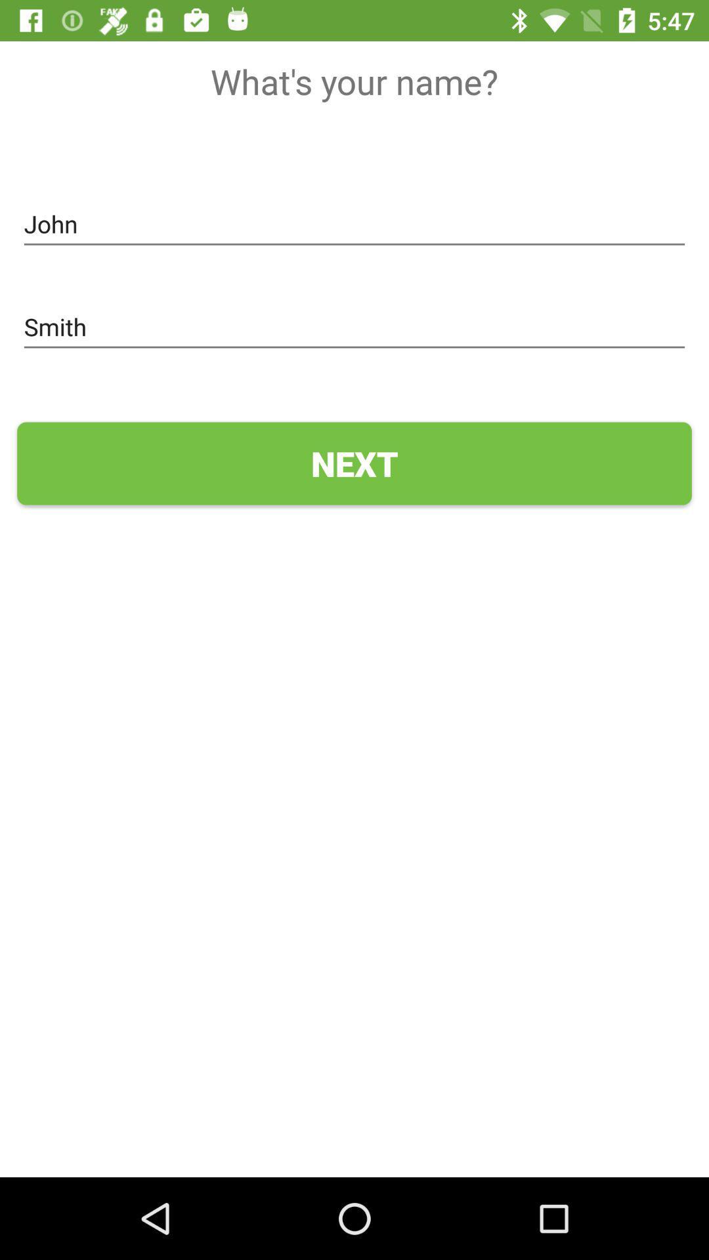 The image size is (709, 1260). What do you see at coordinates (354, 224) in the screenshot?
I see `the john` at bounding box center [354, 224].